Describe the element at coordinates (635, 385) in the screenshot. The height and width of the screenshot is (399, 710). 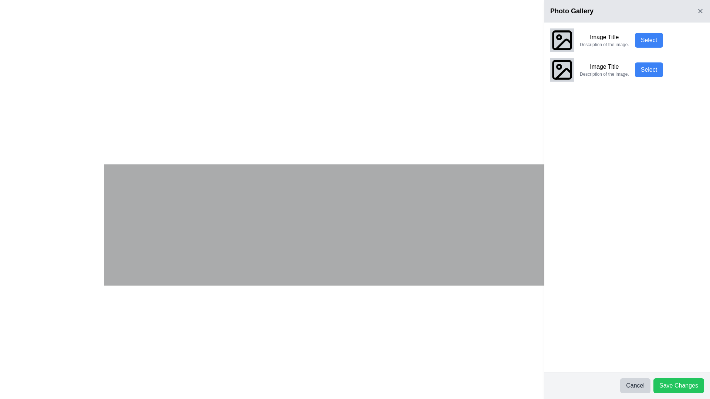
I see `the 'Cancel' button, which is a rectangular button with a light gray background and black text, located at the bottom-right corner of the interface, to observe its hover effect that changes the background to a darker gray` at that location.